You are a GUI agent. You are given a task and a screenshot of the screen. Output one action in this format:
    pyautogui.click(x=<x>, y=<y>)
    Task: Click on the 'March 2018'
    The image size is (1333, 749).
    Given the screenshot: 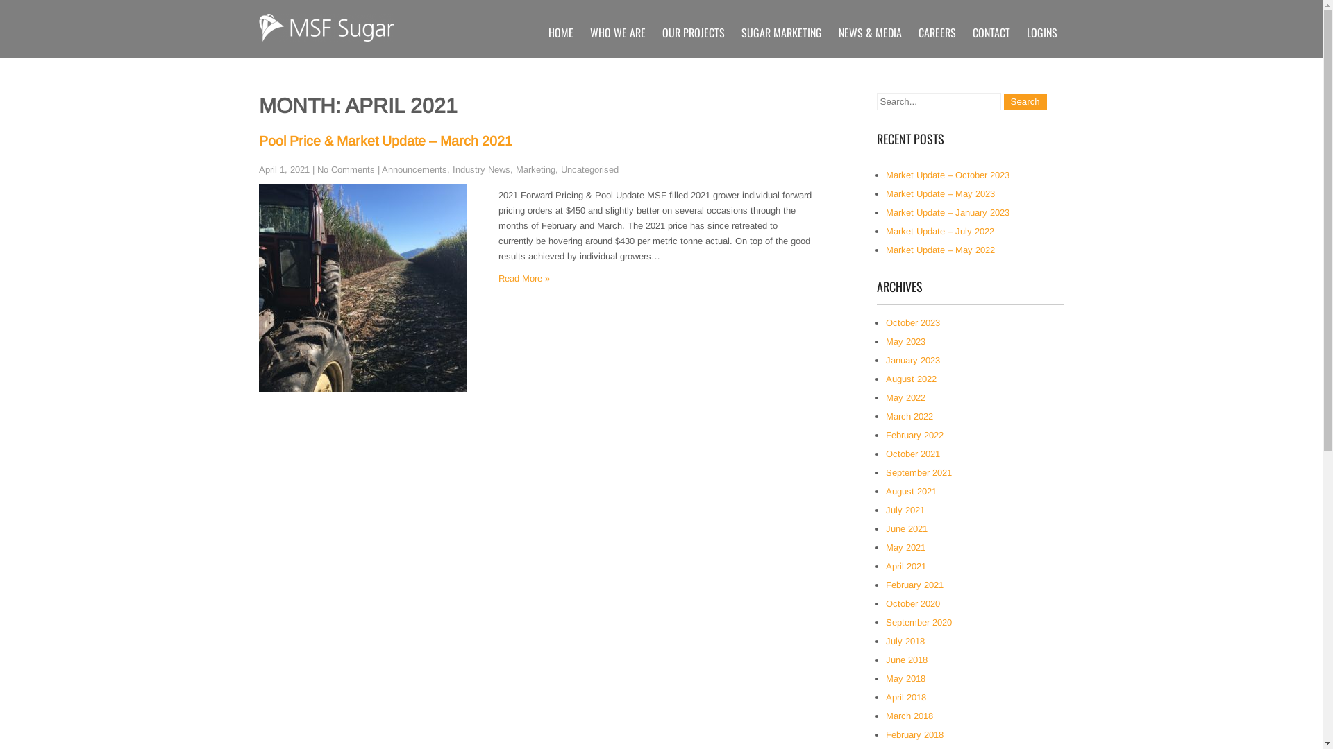 What is the action you would take?
    pyautogui.click(x=909, y=716)
    